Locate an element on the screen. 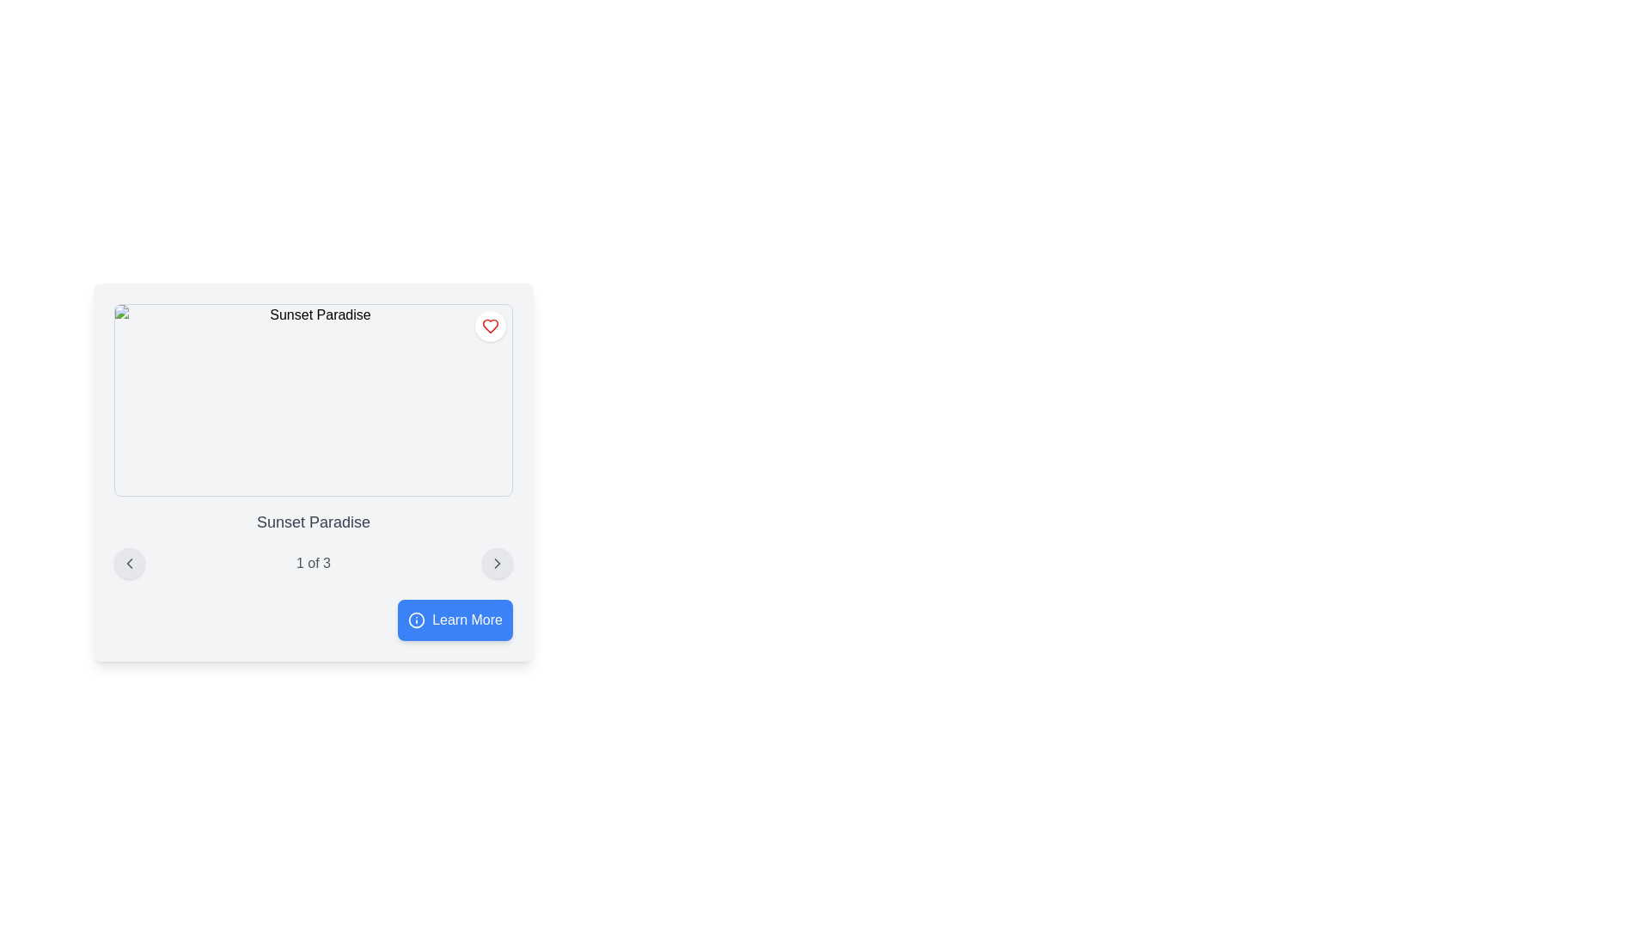 Image resolution: width=1650 pixels, height=928 pixels. the left-pointing Chevron icon embedded in a circular button, which serves as a navigation control for cycling through options or images is located at coordinates (128, 563).